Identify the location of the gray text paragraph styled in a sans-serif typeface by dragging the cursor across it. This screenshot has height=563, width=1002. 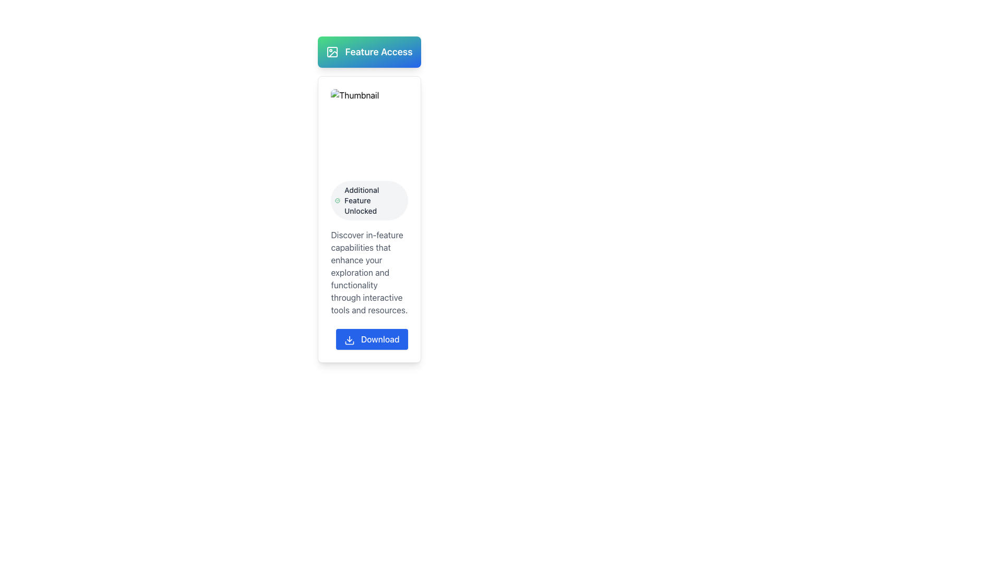
(369, 272).